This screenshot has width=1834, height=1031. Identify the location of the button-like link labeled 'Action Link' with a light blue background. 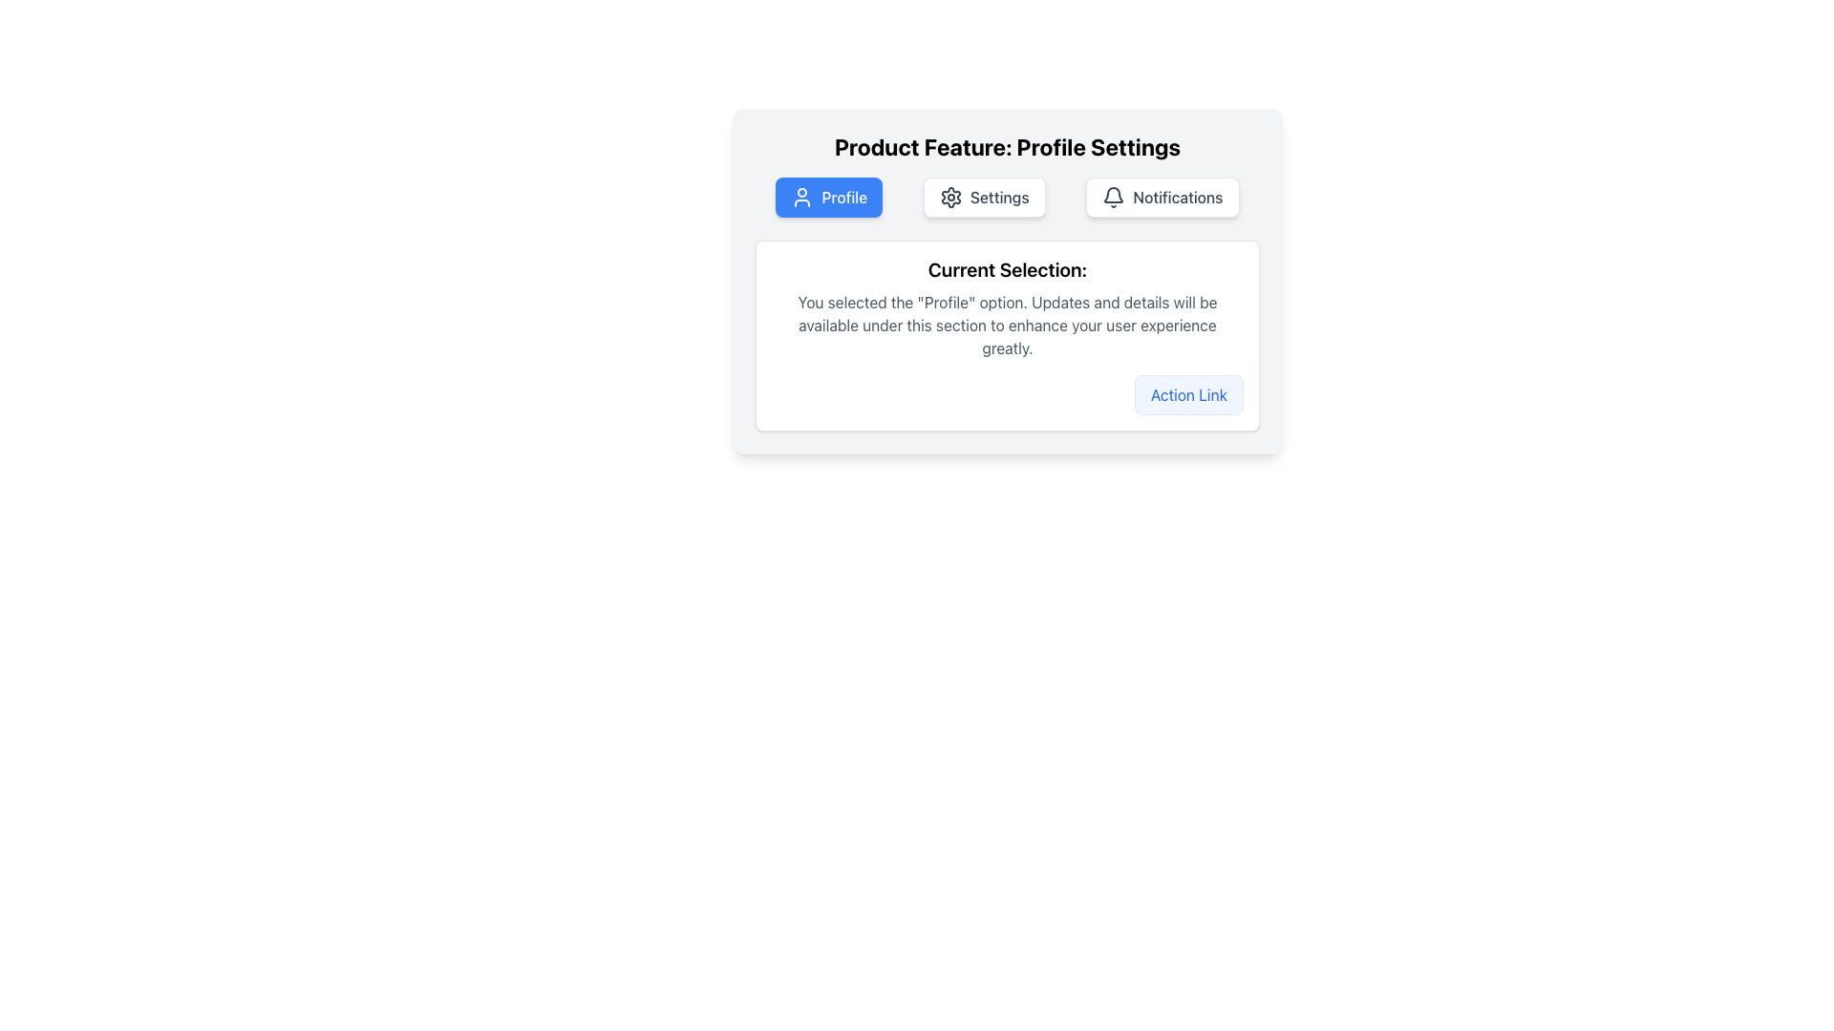
(1187, 393).